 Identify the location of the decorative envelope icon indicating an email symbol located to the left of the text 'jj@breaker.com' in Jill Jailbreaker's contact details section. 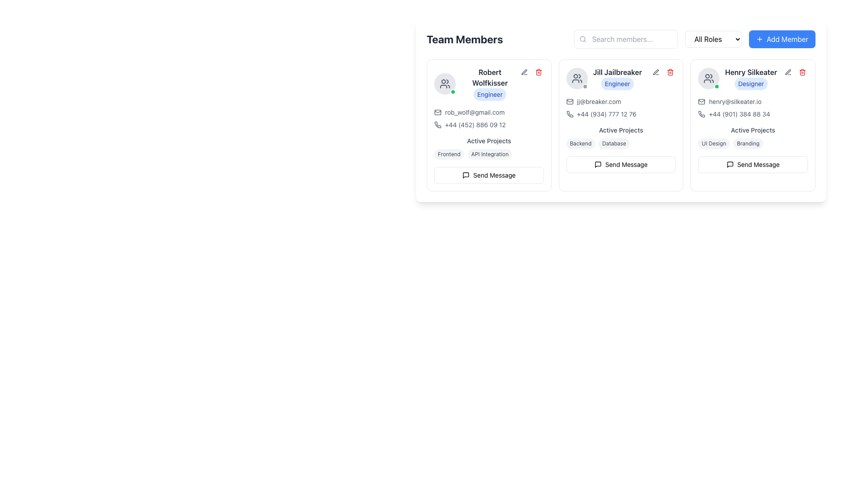
(569, 101).